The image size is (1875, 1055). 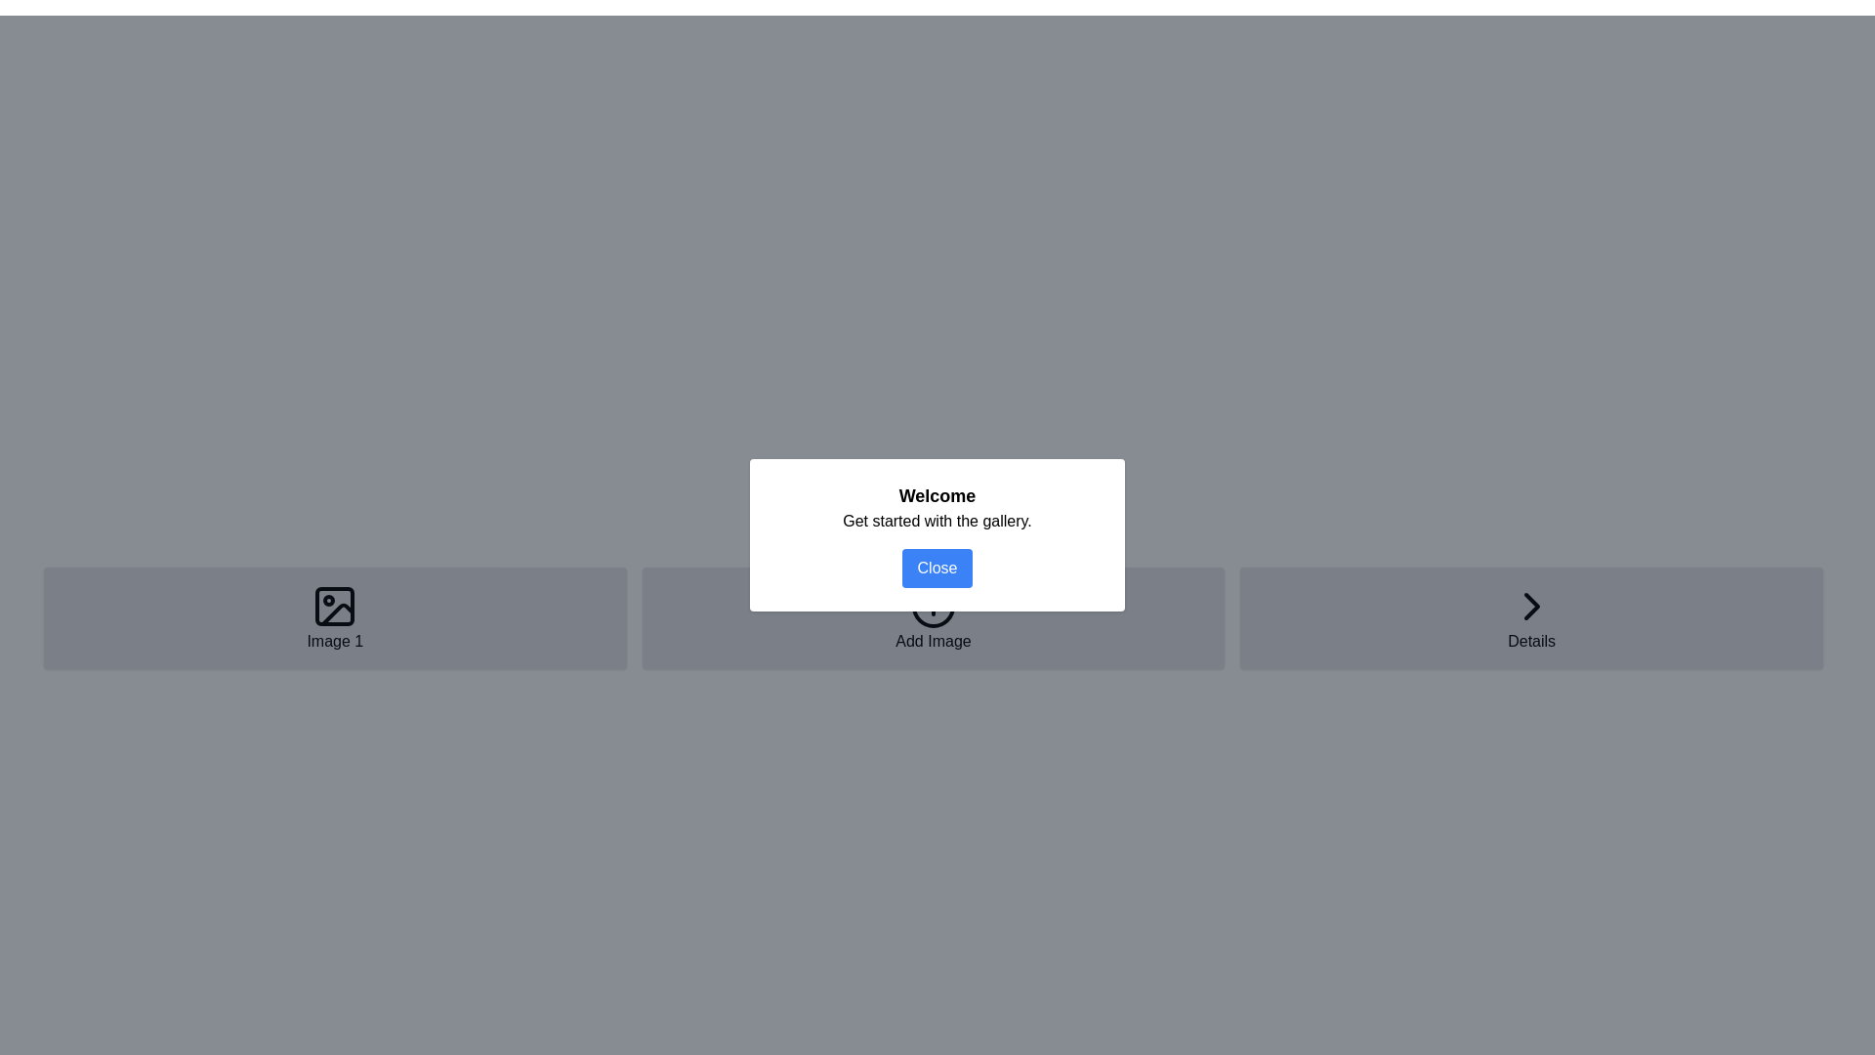 What do you see at coordinates (335, 641) in the screenshot?
I see `the label displaying 'Image 1', which is located directly beneath the image placeholder icon in the bottom-center of the first card` at bounding box center [335, 641].